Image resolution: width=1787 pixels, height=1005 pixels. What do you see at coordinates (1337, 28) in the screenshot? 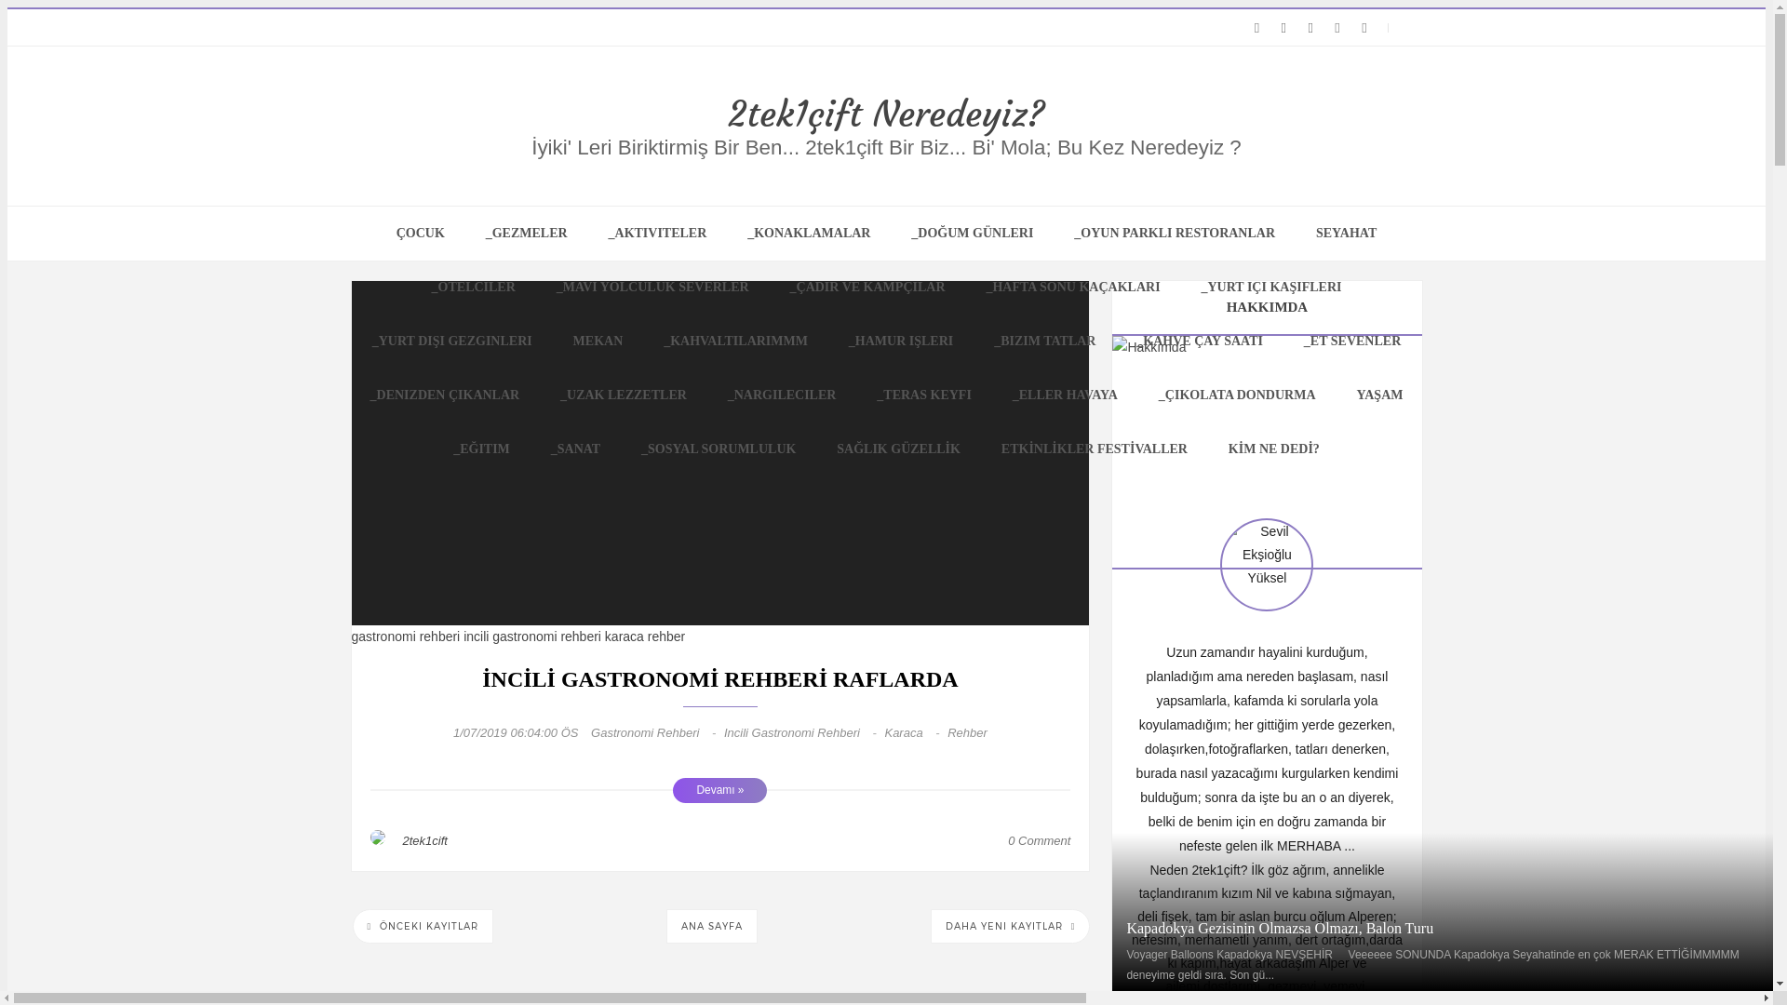
I see `'facebook sayfa '` at bounding box center [1337, 28].